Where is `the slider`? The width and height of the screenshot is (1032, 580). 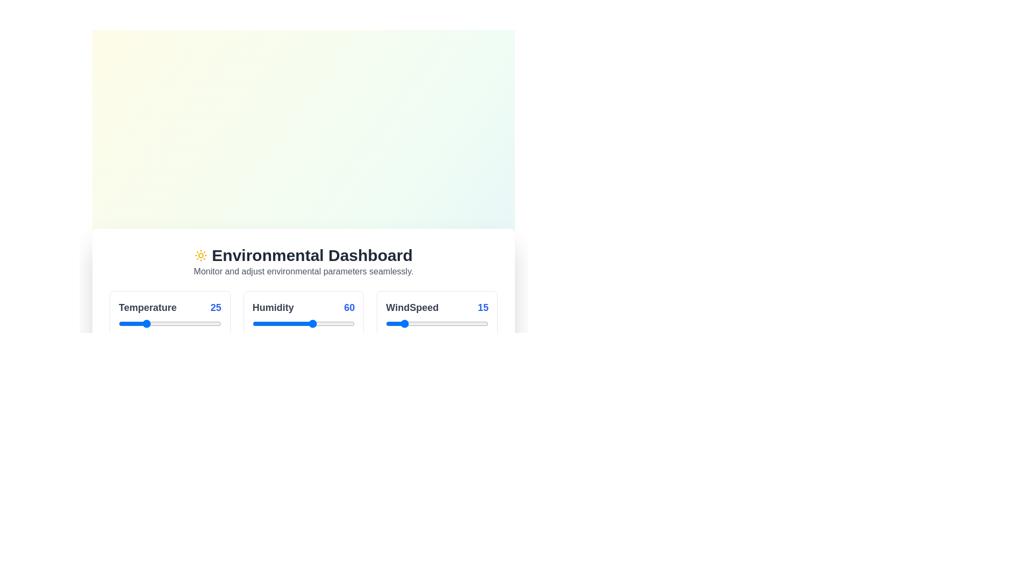
the slider is located at coordinates (137, 323).